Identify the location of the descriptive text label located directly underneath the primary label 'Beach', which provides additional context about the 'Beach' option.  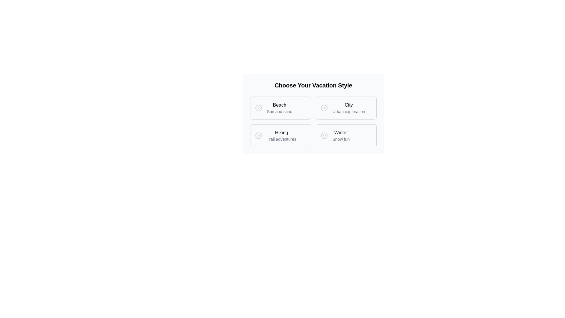
(279, 111).